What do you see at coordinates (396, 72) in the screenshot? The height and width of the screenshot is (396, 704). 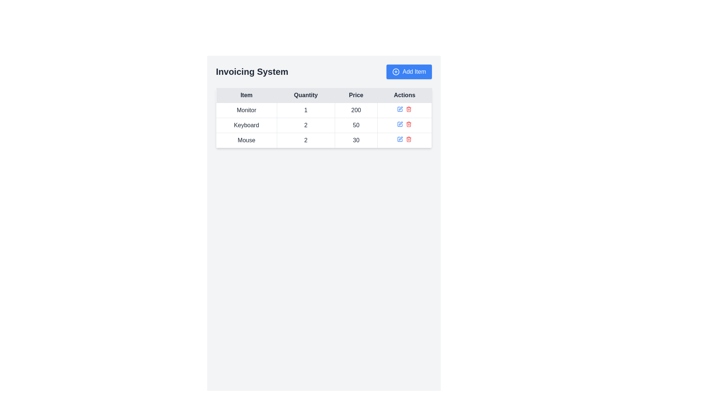 I see `the decorative SVG Circle that illustrates the plus symbol in the 'Add Item' button located at the top-right of the interface above the item table` at bounding box center [396, 72].